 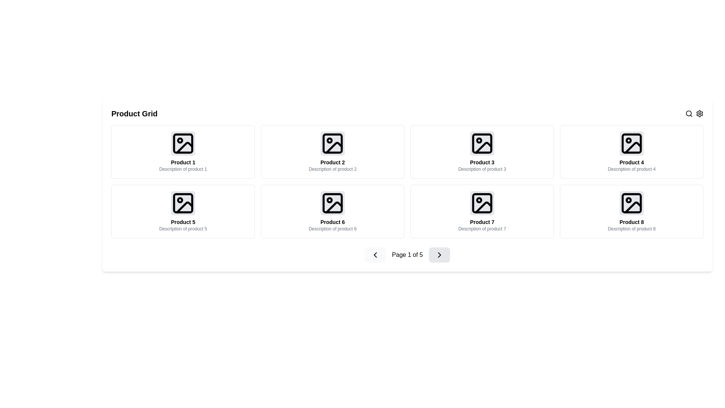 I want to click on the information card presenting details about 'Product 4', located in the second row and second column of the grid layout, so click(x=632, y=151).